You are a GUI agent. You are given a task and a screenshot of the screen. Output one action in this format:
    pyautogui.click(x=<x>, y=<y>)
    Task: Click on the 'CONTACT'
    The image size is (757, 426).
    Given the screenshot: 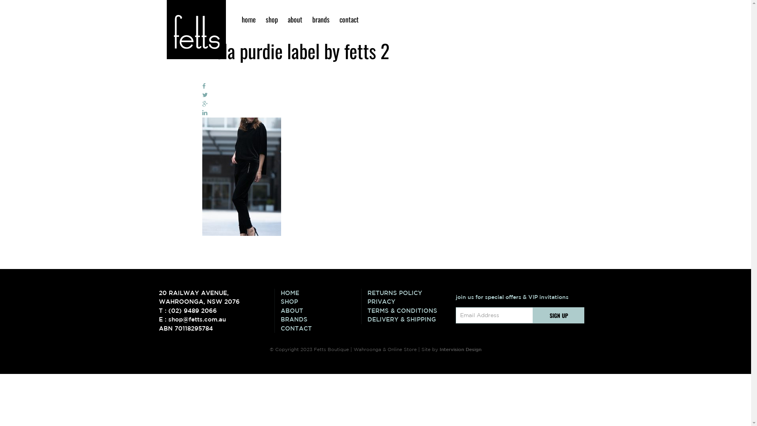 What is the action you would take?
    pyautogui.click(x=321, y=329)
    